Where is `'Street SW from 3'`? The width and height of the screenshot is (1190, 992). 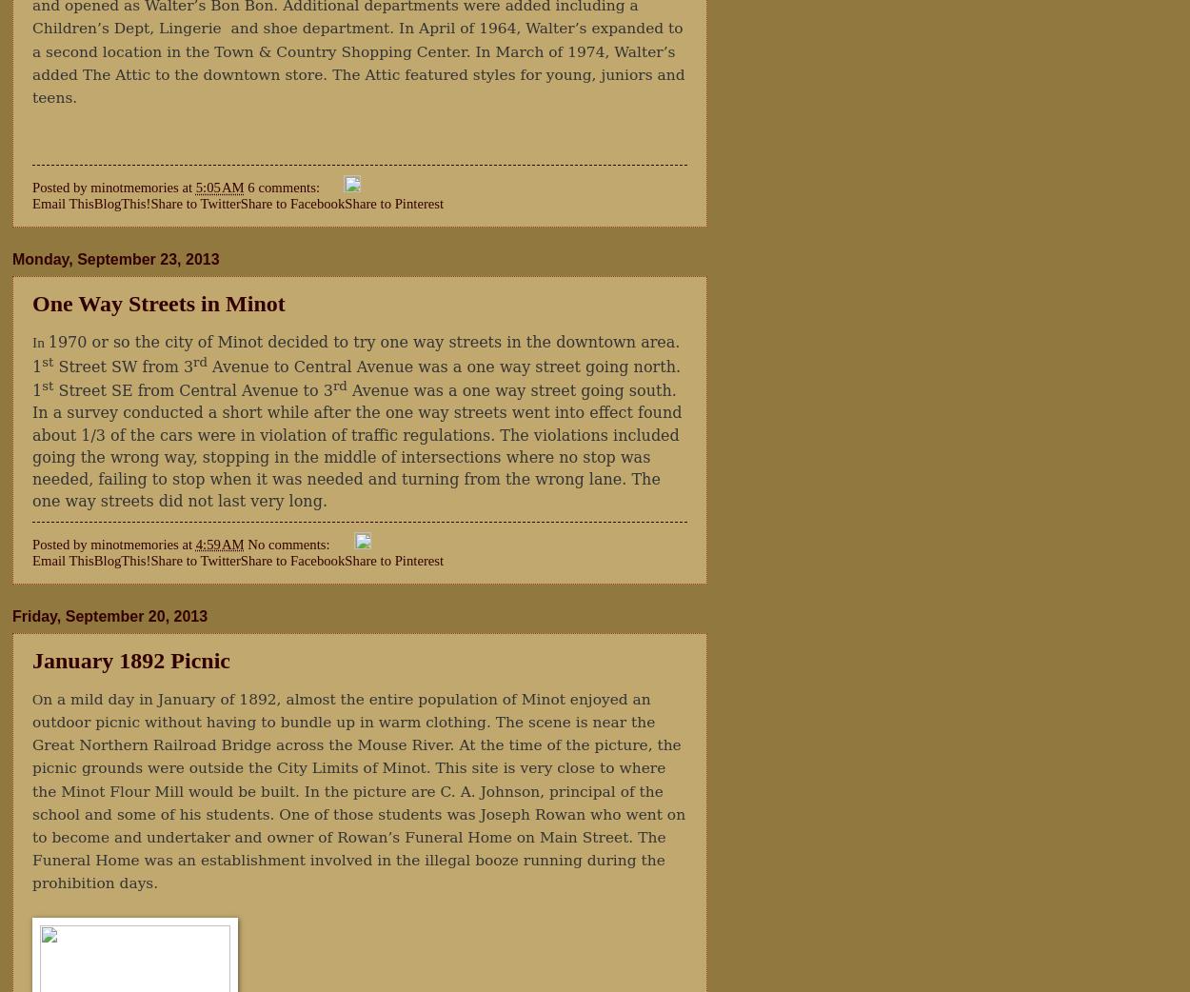
'Street SW from 3' is located at coordinates (123, 365).